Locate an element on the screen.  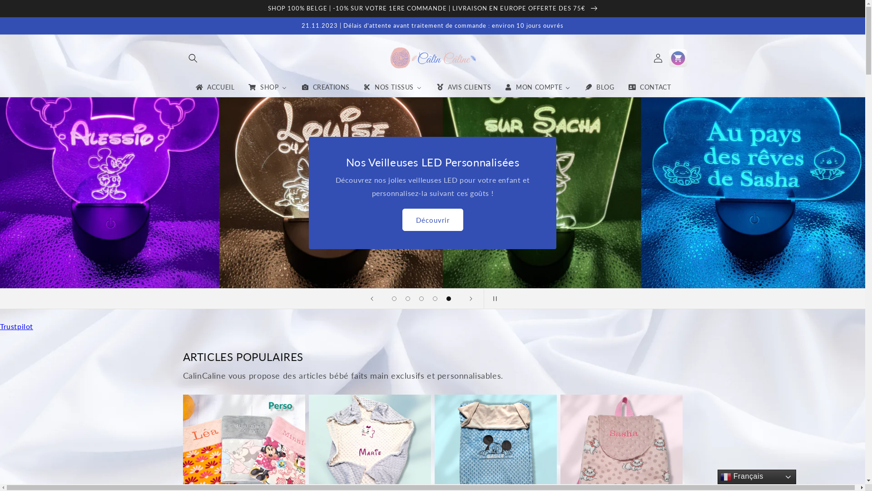
'CONTACT' is located at coordinates (649, 87).